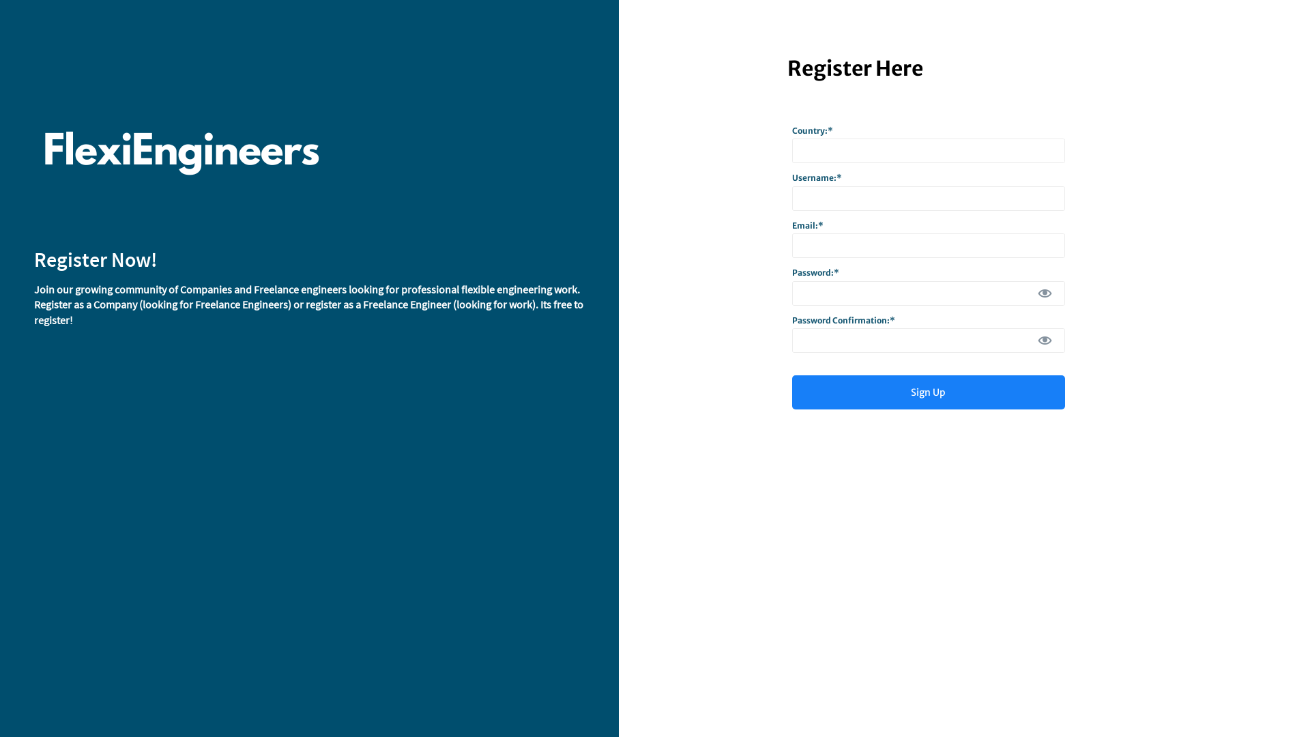  I want to click on 'Sign Up', so click(928, 392).